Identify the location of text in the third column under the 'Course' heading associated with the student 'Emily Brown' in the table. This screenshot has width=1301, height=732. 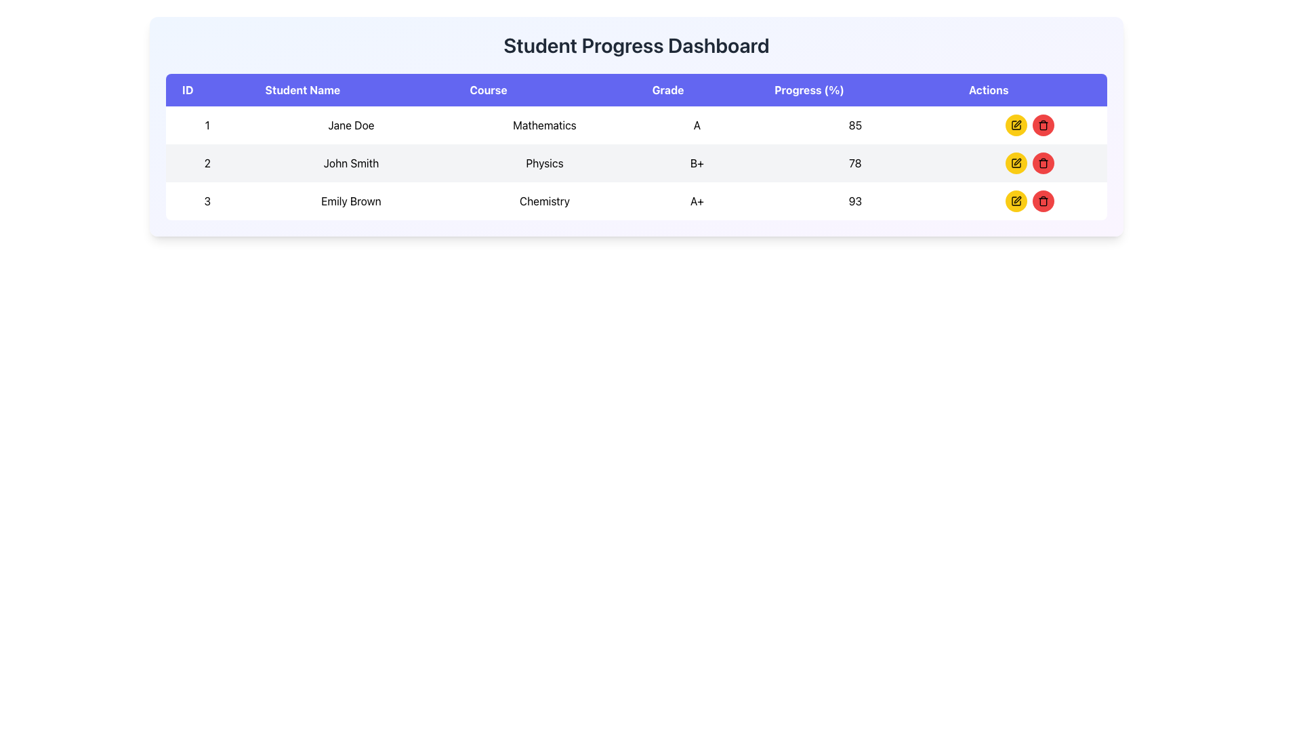
(545, 201).